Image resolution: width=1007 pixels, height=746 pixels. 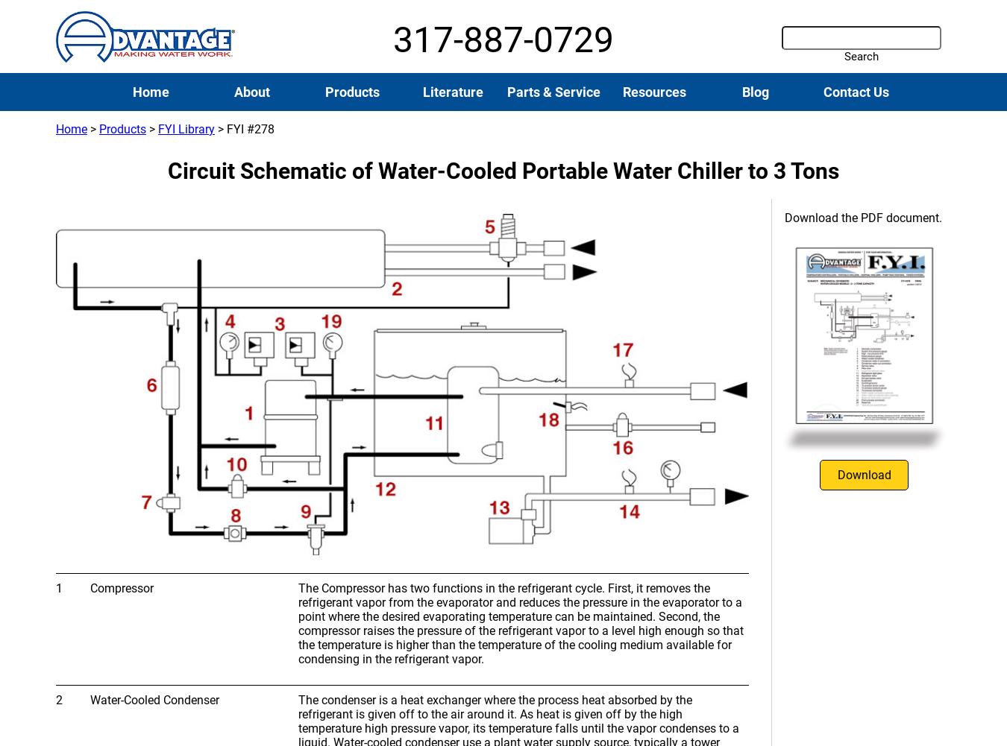 I want to click on '317-887-0729', so click(x=503, y=39).